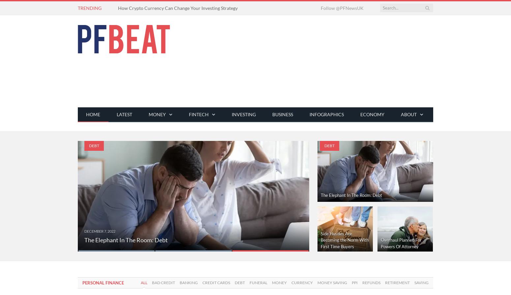  Describe the element at coordinates (291, 282) in the screenshot. I see `'Currency'` at that location.